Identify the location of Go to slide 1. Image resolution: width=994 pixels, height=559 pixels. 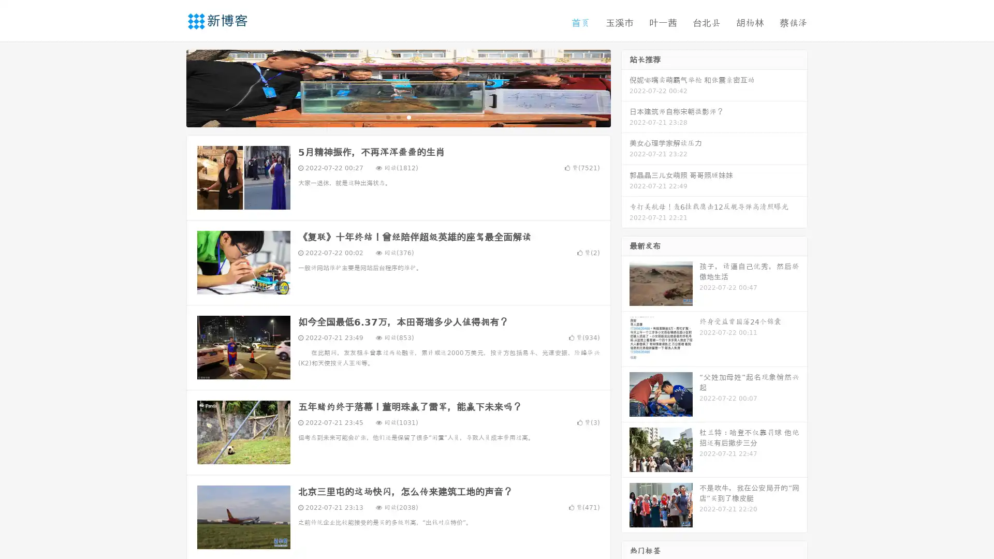
(387, 116).